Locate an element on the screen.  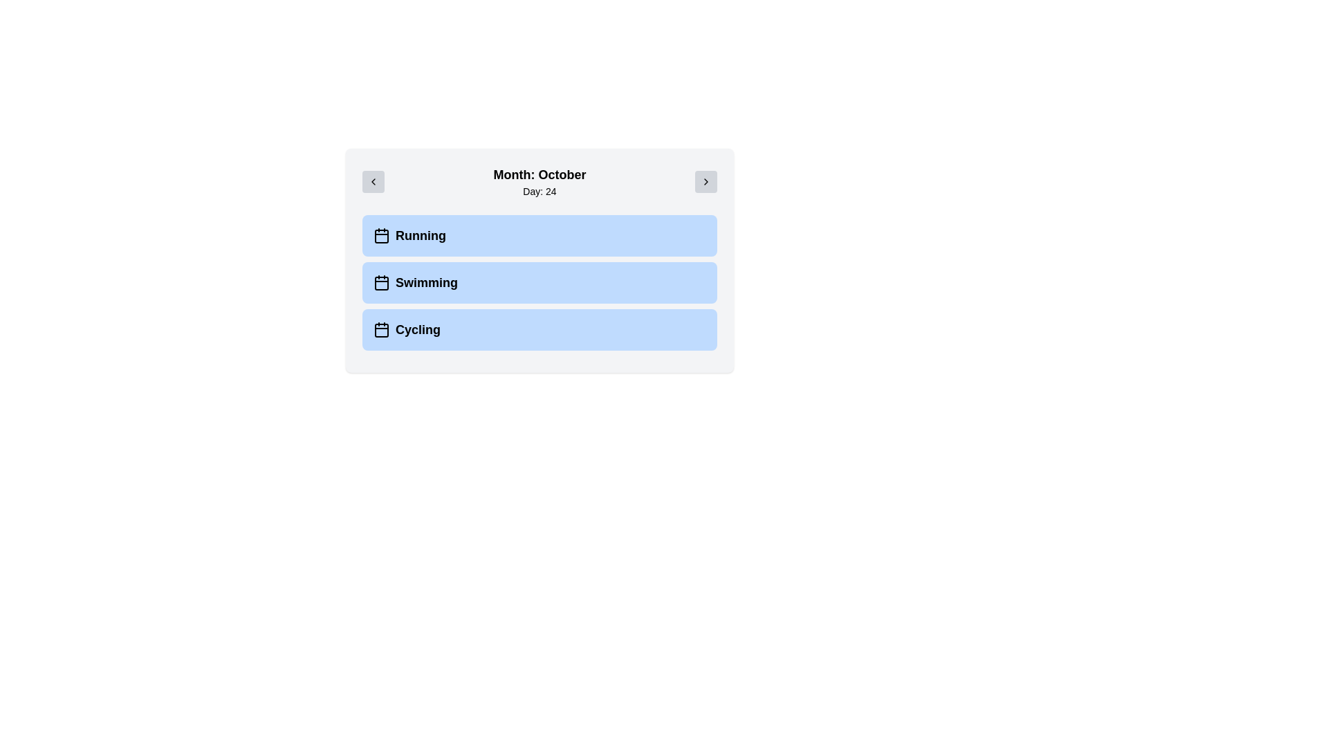
the calendar icon located at the beginning of the row containing the 'Swimming' label to interact with the calendar functionality is located at coordinates (382, 282).